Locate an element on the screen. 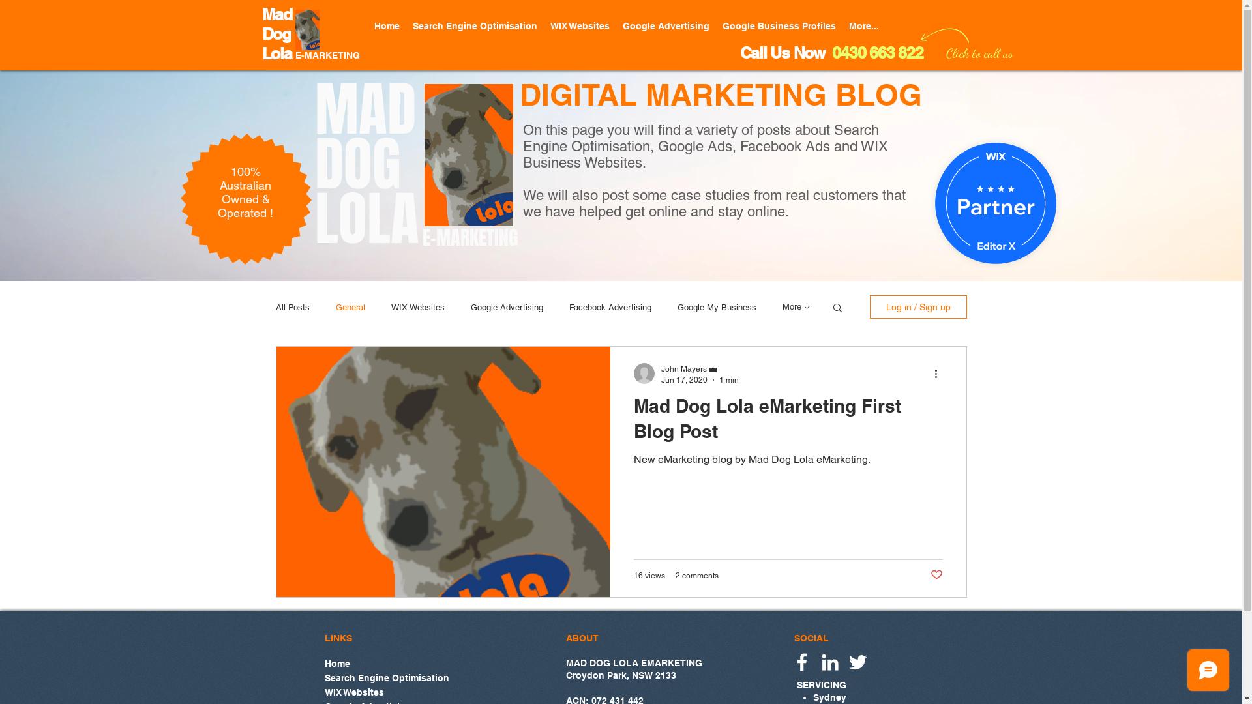 The image size is (1252, 704). 'Google Business Profiles' is located at coordinates (779, 26).